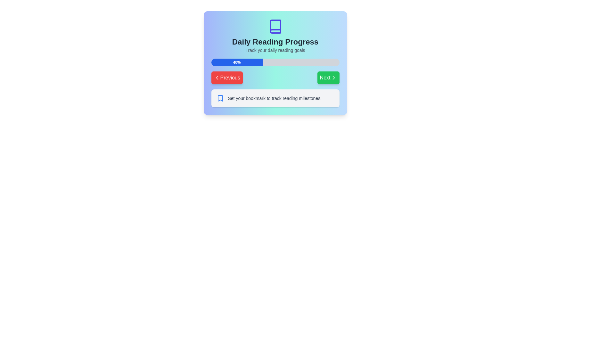 The height and width of the screenshot is (346, 615). What do you see at coordinates (333, 78) in the screenshot?
I see `the chevron icon located on the right end of the 'Next' button to visually reinforce the forward navigation function` at bounding box center [333, 78].